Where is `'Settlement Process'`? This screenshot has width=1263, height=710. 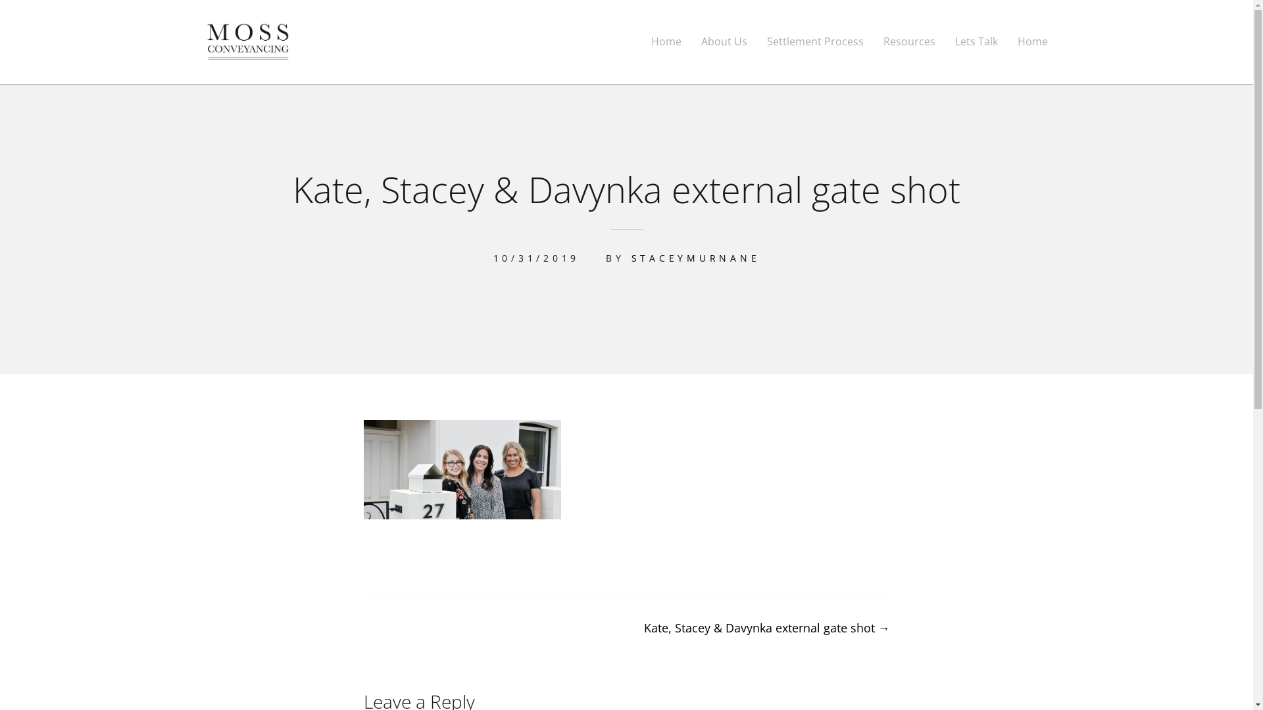
'Settlement Process' is located at coordinates (814, 41).